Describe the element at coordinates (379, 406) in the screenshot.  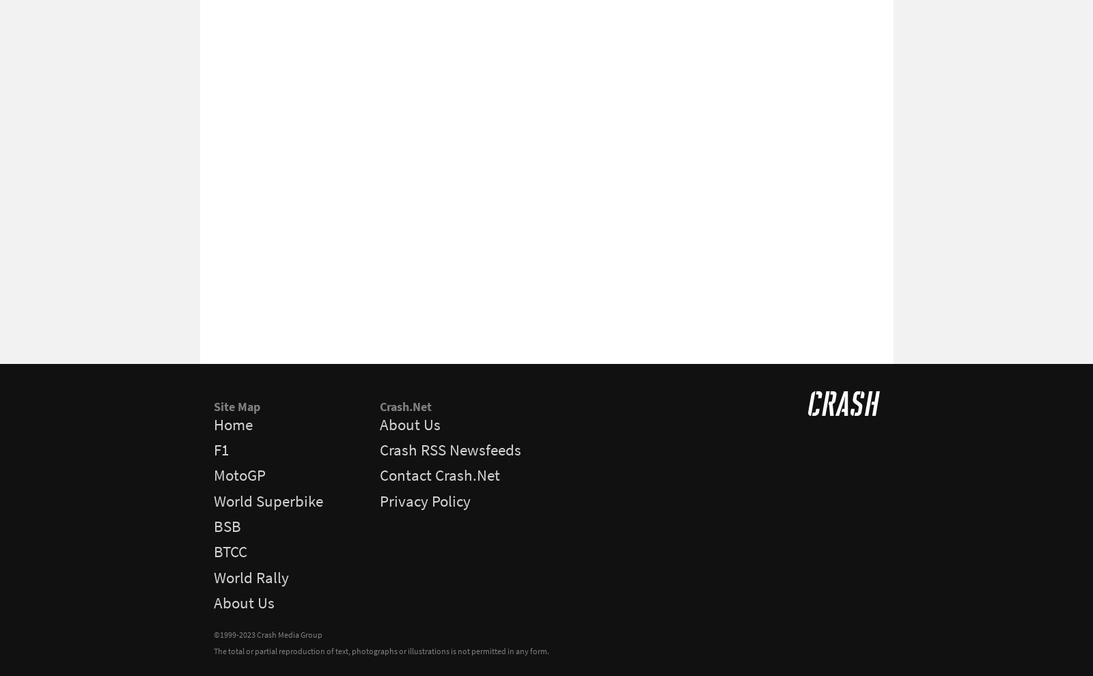
I see `'Crash.Net'` at that location.